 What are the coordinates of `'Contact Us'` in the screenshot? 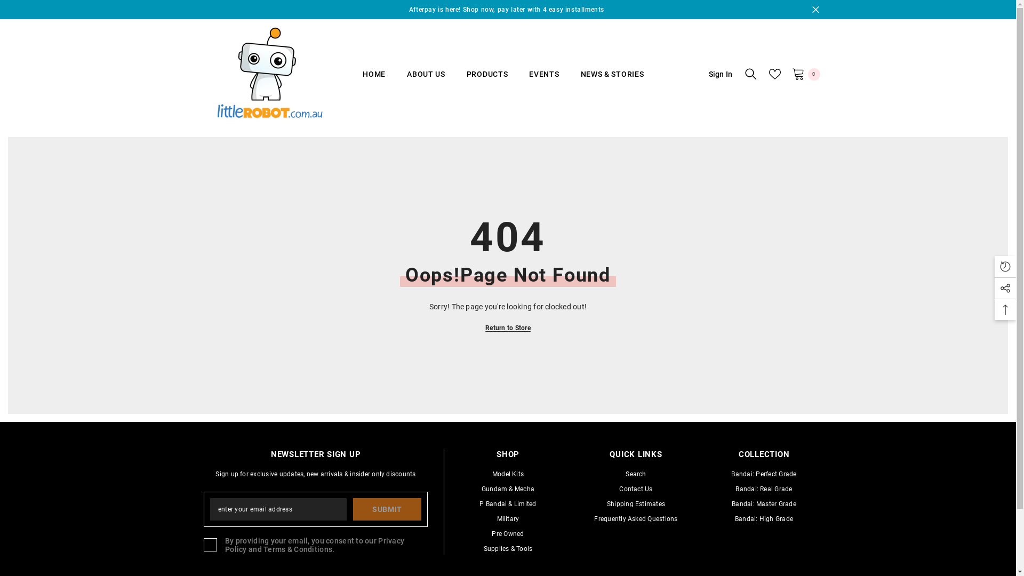 It's located at (635, 489).